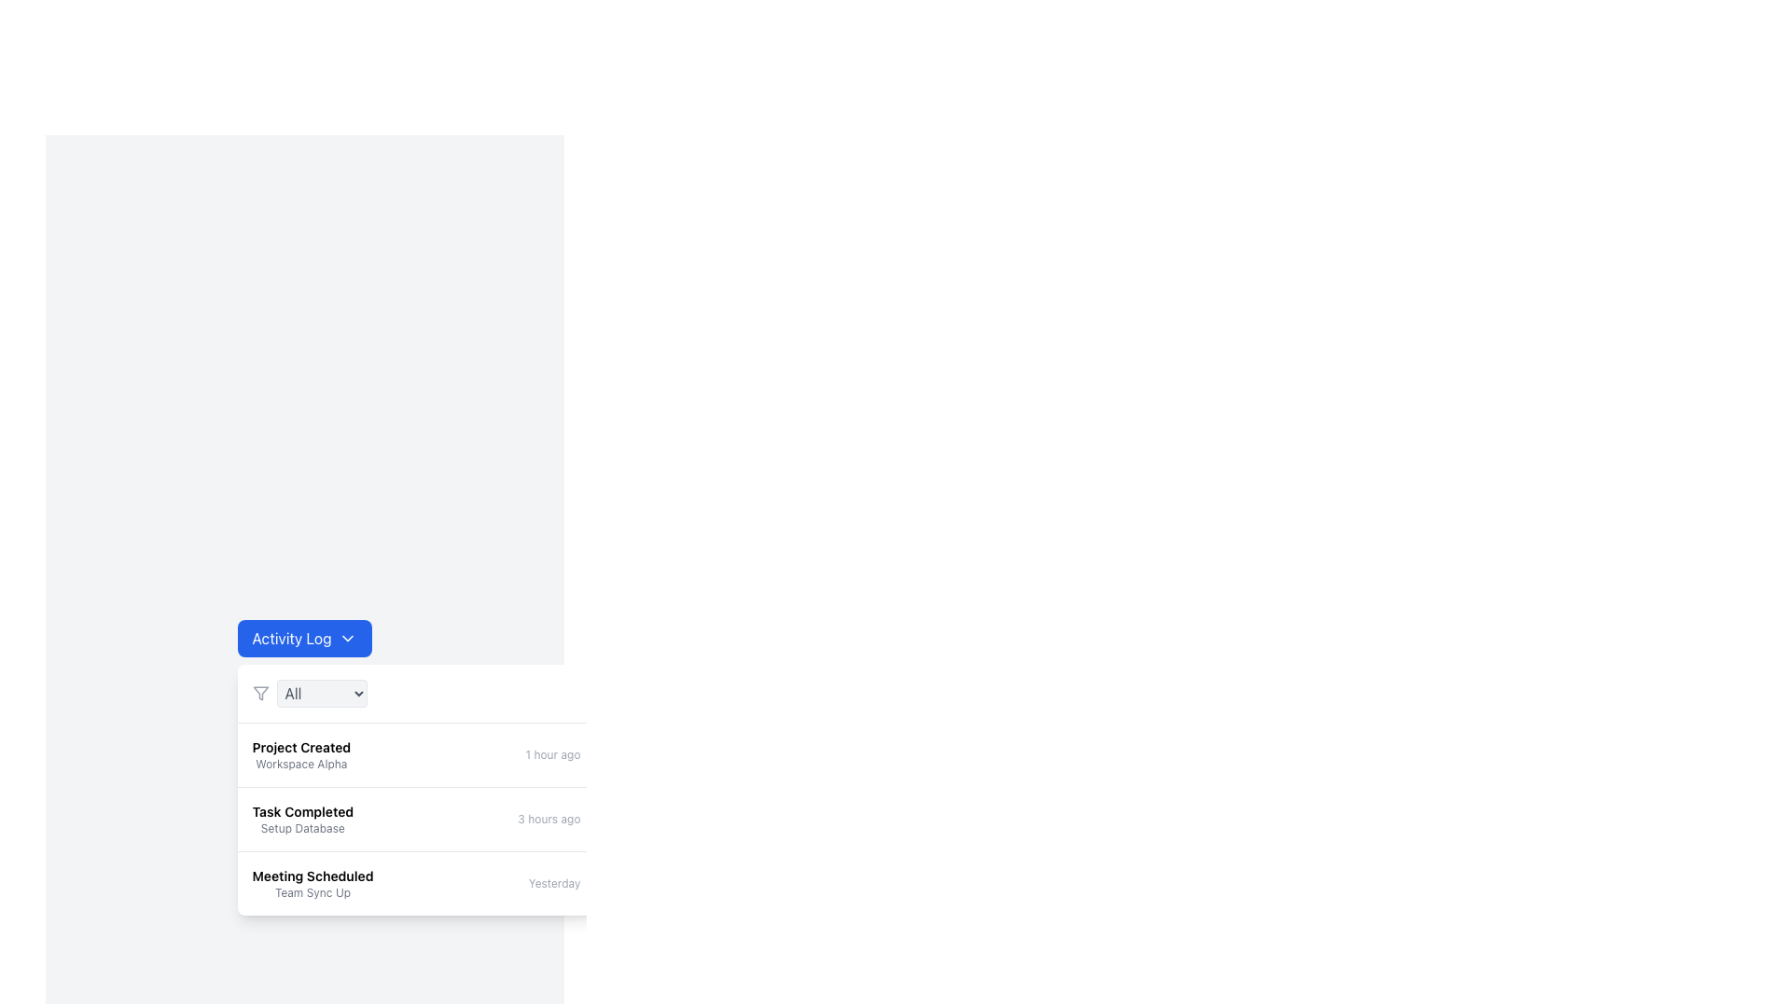  What do you see at coordinates (312, 883) in the screenshot?
I see `the 'Meeting Scheduled' entry in the activity log` at bounding box center [312, 883].